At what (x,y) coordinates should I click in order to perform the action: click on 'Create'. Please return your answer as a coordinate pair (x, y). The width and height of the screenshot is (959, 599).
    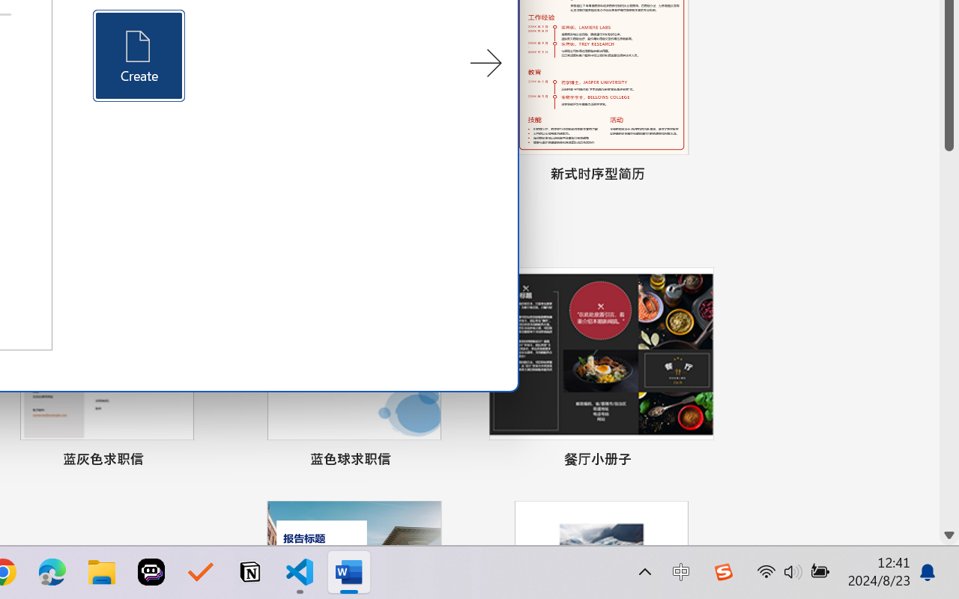
    Looking at the image, I should click on (139, 55).